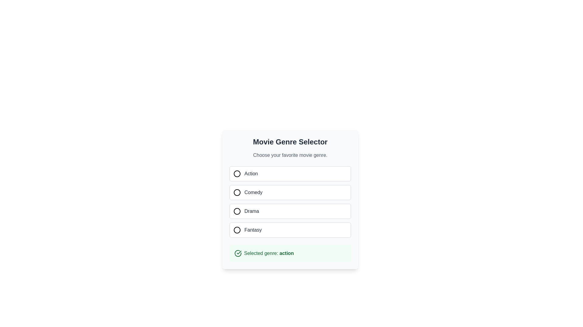  What do you see at coordinates (251, 174) in the screenshot?
I see `'Action' text label which is displayed in bold, medium-weight font and dark gray color, located next to a circular icon in the first row of a vertically-aligned list of options for selecting a movie genre` at bounding box center [251, 174].